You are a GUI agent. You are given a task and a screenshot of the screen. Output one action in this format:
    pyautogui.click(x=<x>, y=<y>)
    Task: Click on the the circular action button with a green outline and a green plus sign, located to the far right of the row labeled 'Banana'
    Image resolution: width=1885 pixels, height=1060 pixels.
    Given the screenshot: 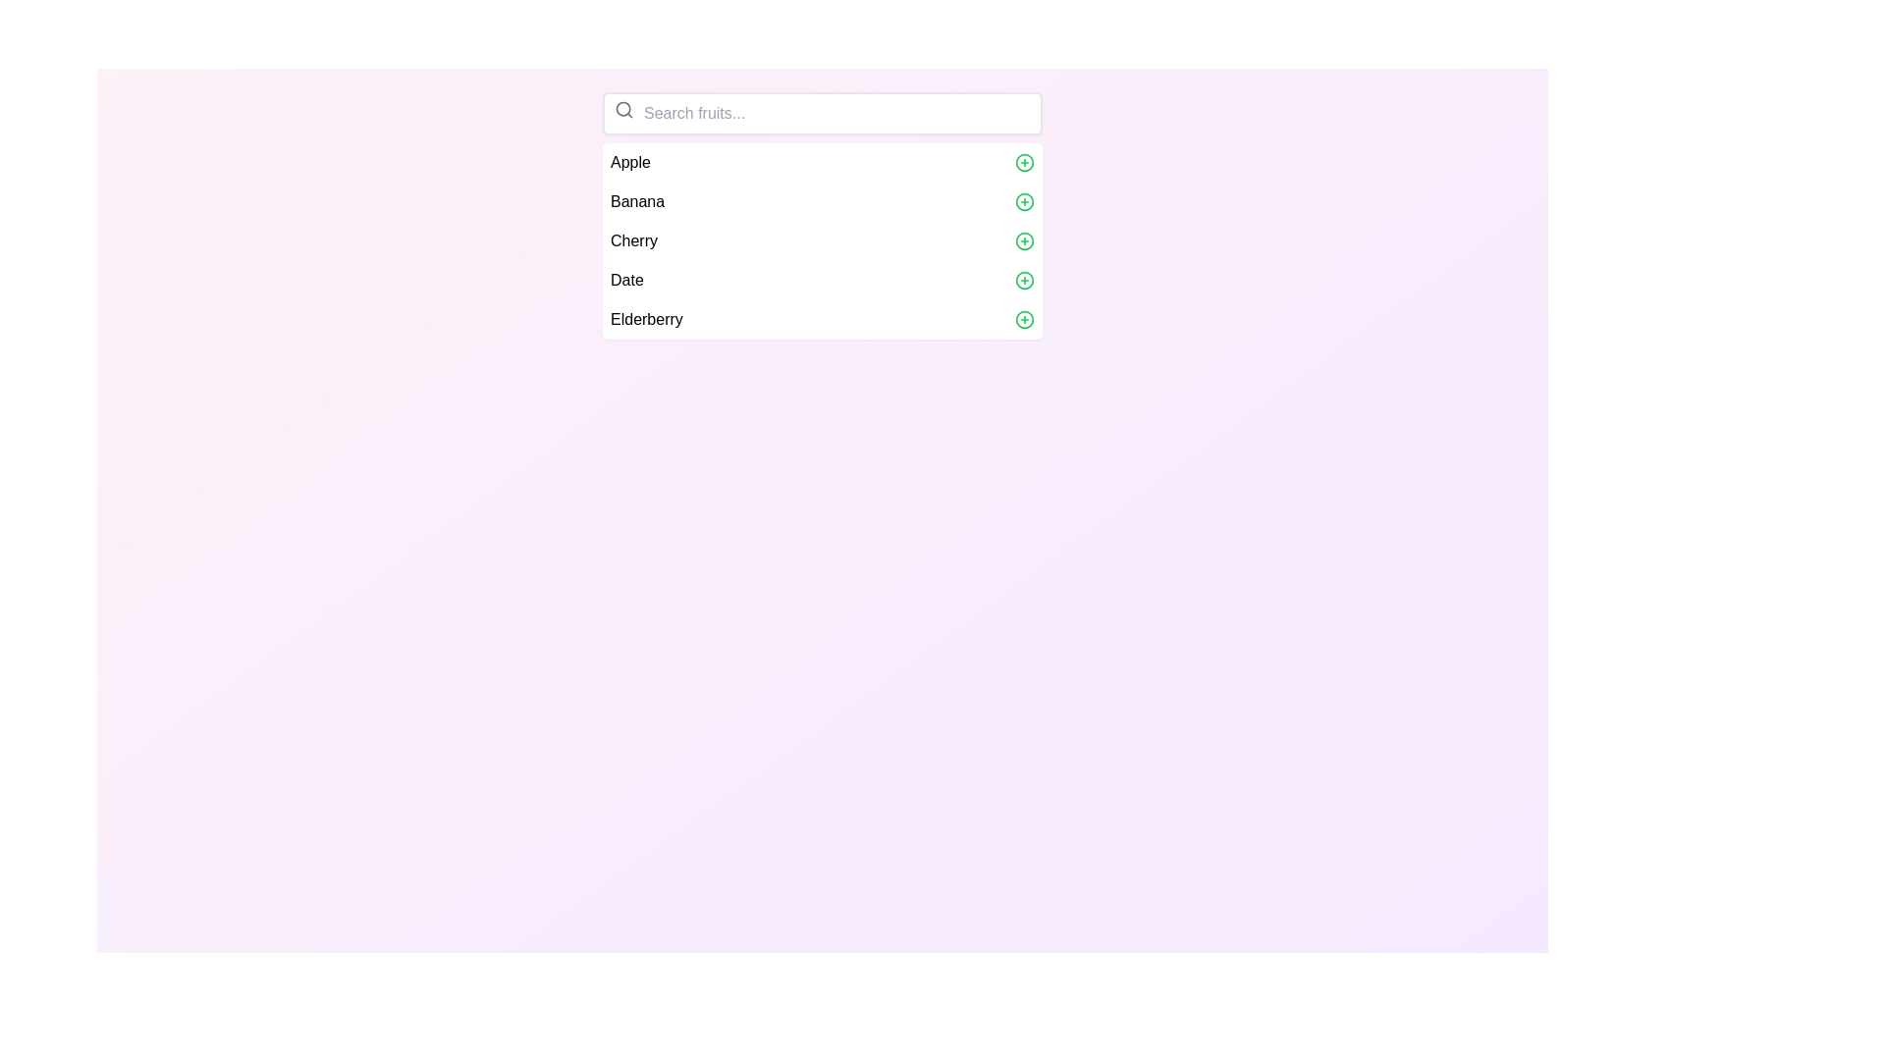 What is the action you would take?
    pyautogui.click(x=1023, y=201)
    